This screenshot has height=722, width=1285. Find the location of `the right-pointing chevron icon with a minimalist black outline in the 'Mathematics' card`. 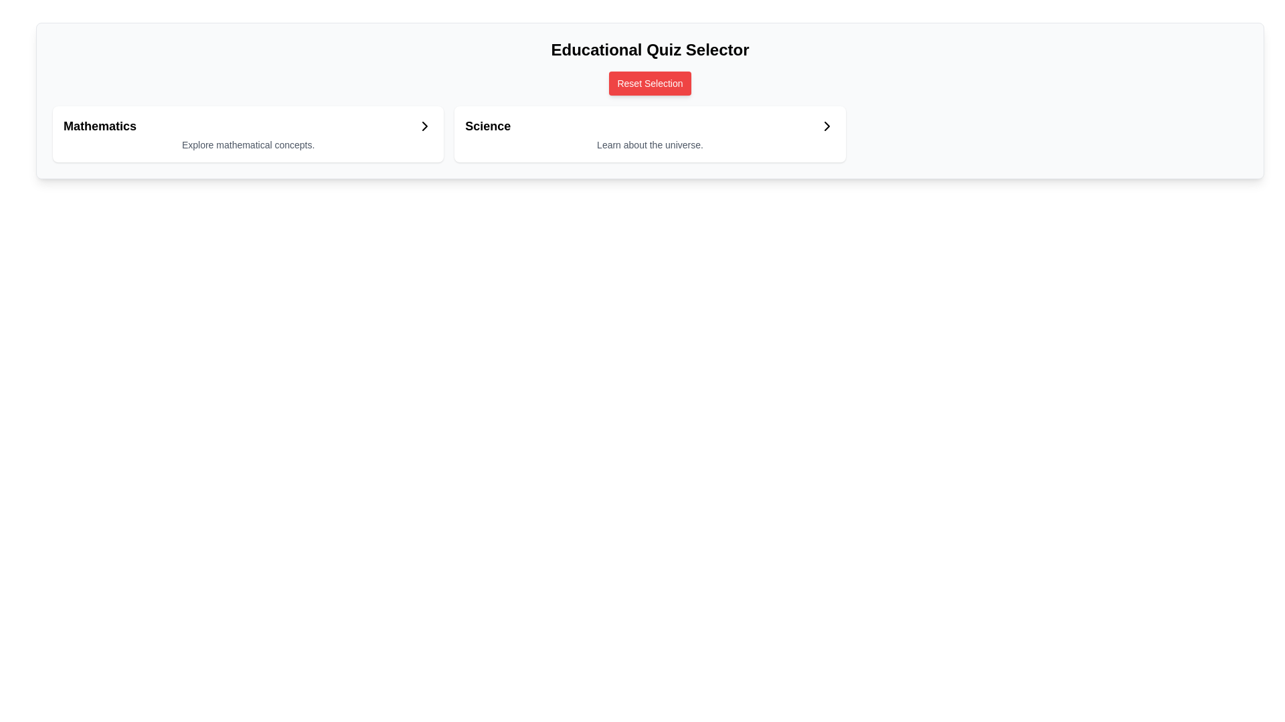

the right-pointing chevron icon with a minimalist black outline in the 'Mathematics' card is located at coordinates (424, 126).